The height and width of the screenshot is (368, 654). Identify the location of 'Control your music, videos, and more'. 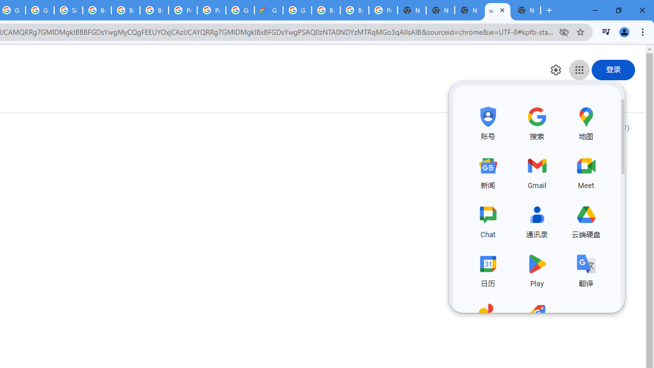
(605, 31).